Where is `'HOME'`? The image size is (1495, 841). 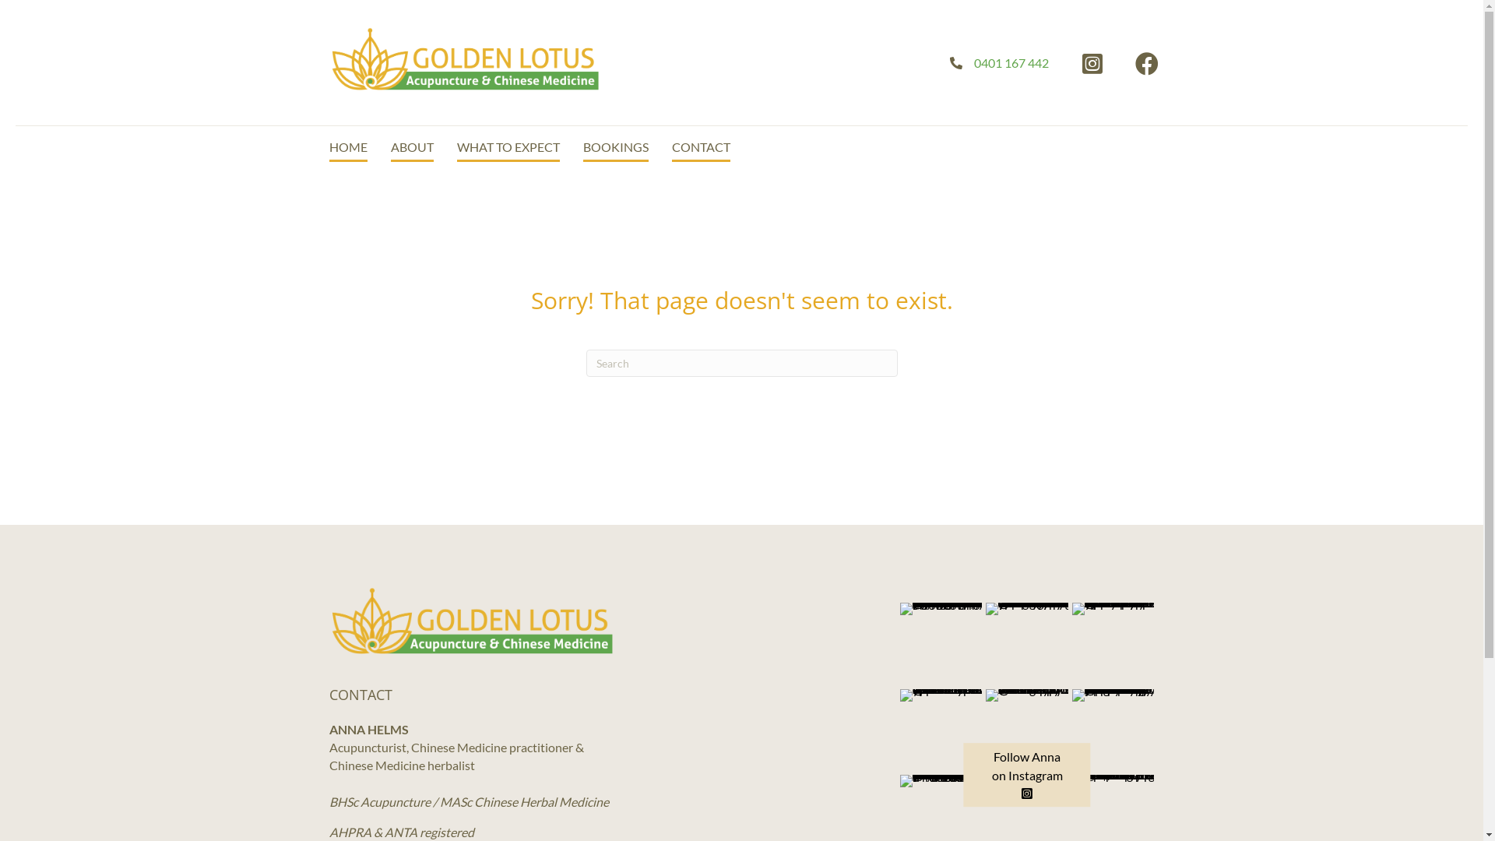 'HOME' is located at coordinates (346, 147).